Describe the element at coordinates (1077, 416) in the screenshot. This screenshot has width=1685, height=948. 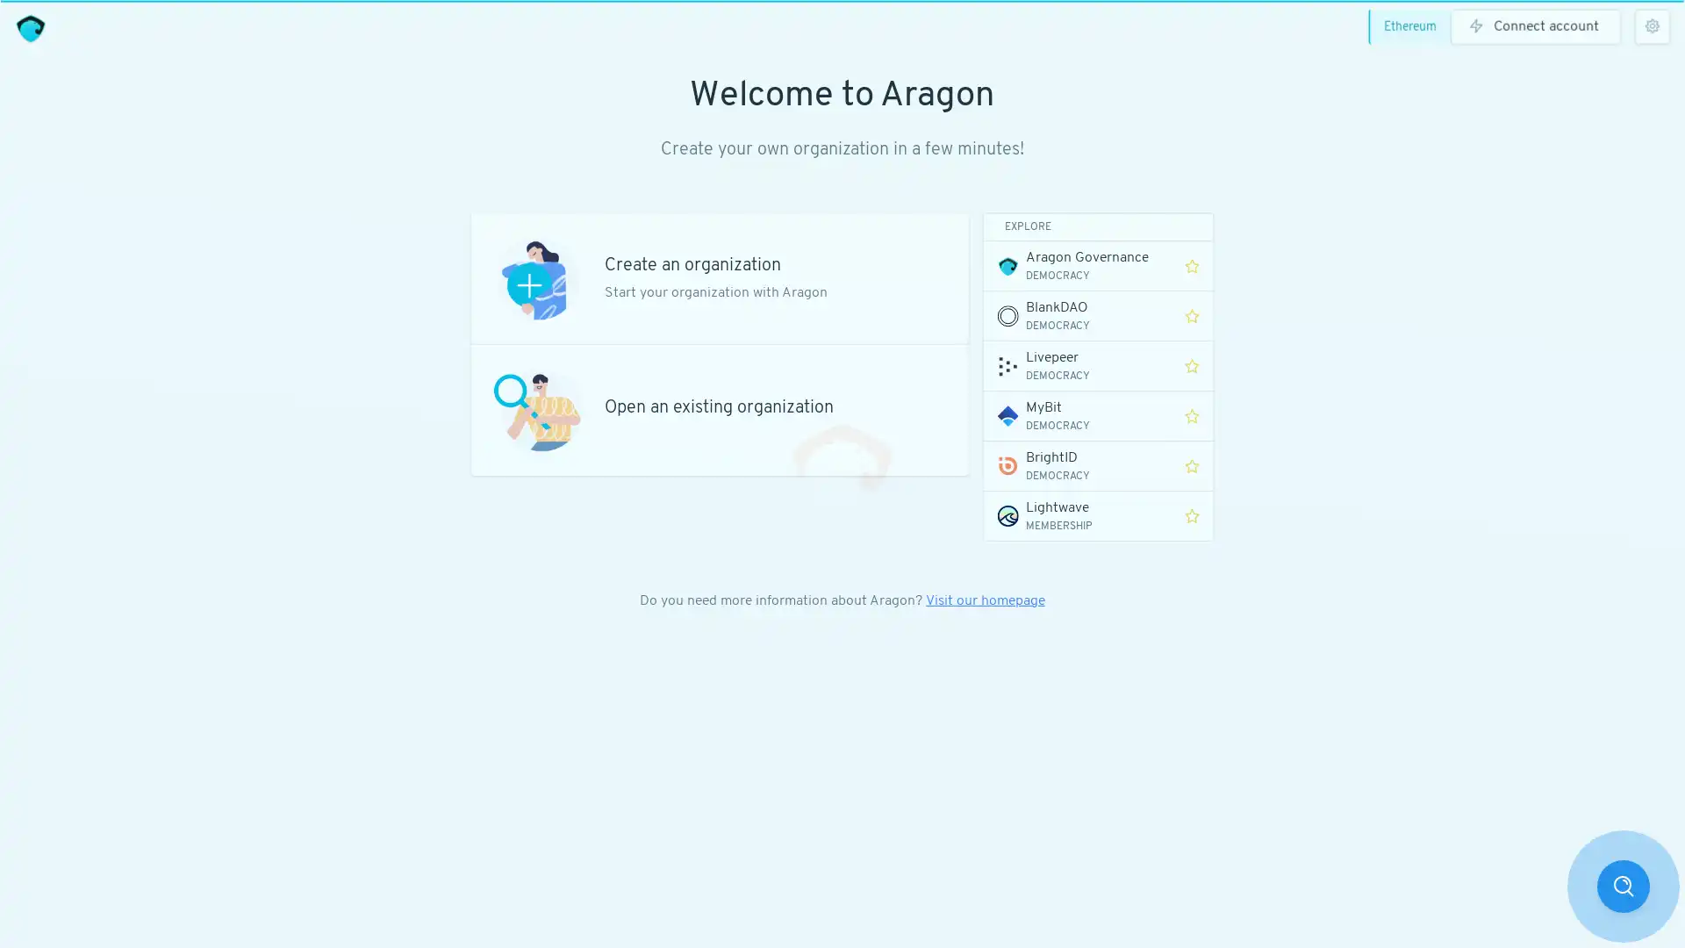
I see `MyBit DEMOCRACY` at that location.